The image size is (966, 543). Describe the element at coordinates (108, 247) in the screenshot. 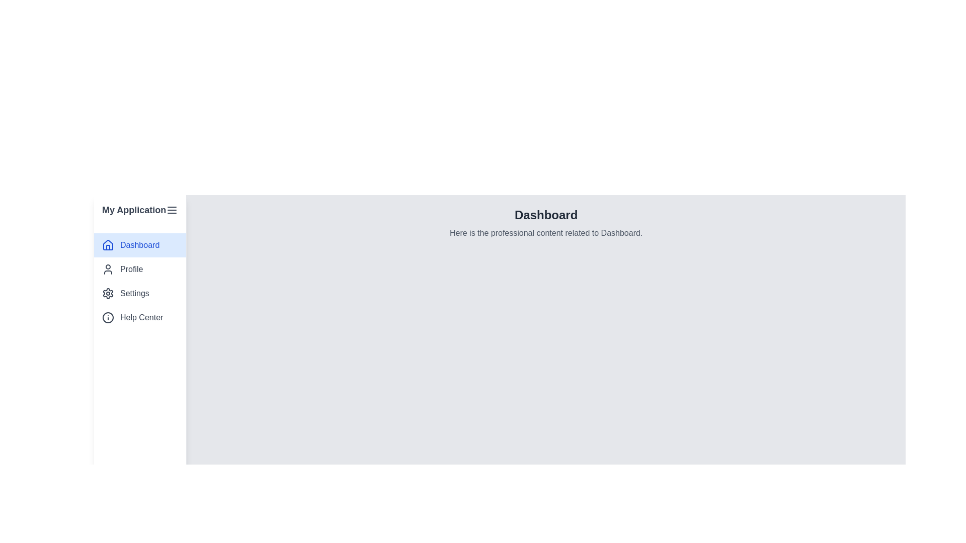

I see `the vertical bar segment of the SVG house icon located in the sidebar menu associated with the 'Dashboard' option` at that location.